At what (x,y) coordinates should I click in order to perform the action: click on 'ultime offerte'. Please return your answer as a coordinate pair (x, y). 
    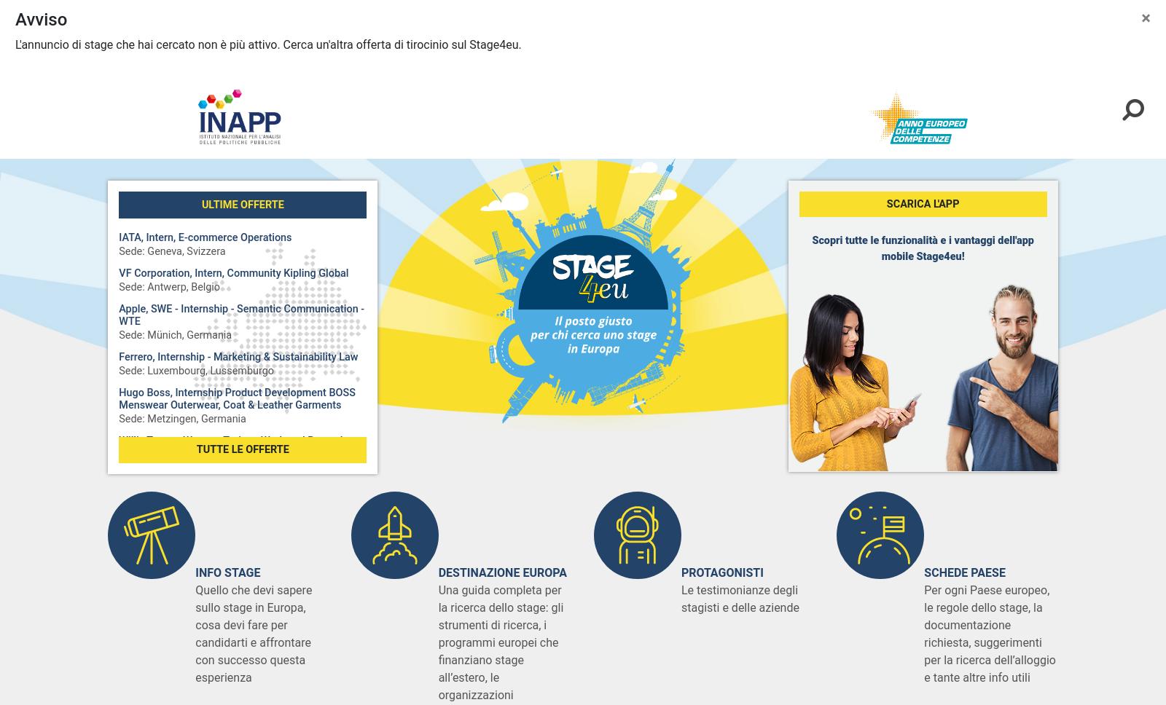
    Looking at the image, I should click on (242, 204).